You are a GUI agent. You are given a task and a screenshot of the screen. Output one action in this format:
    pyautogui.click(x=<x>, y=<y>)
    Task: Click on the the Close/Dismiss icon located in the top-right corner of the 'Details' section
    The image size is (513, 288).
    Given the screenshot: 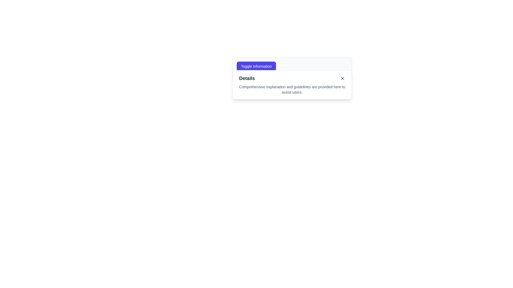 What is the action you would take?
    pyautogui.click(x=342, y=78)
    